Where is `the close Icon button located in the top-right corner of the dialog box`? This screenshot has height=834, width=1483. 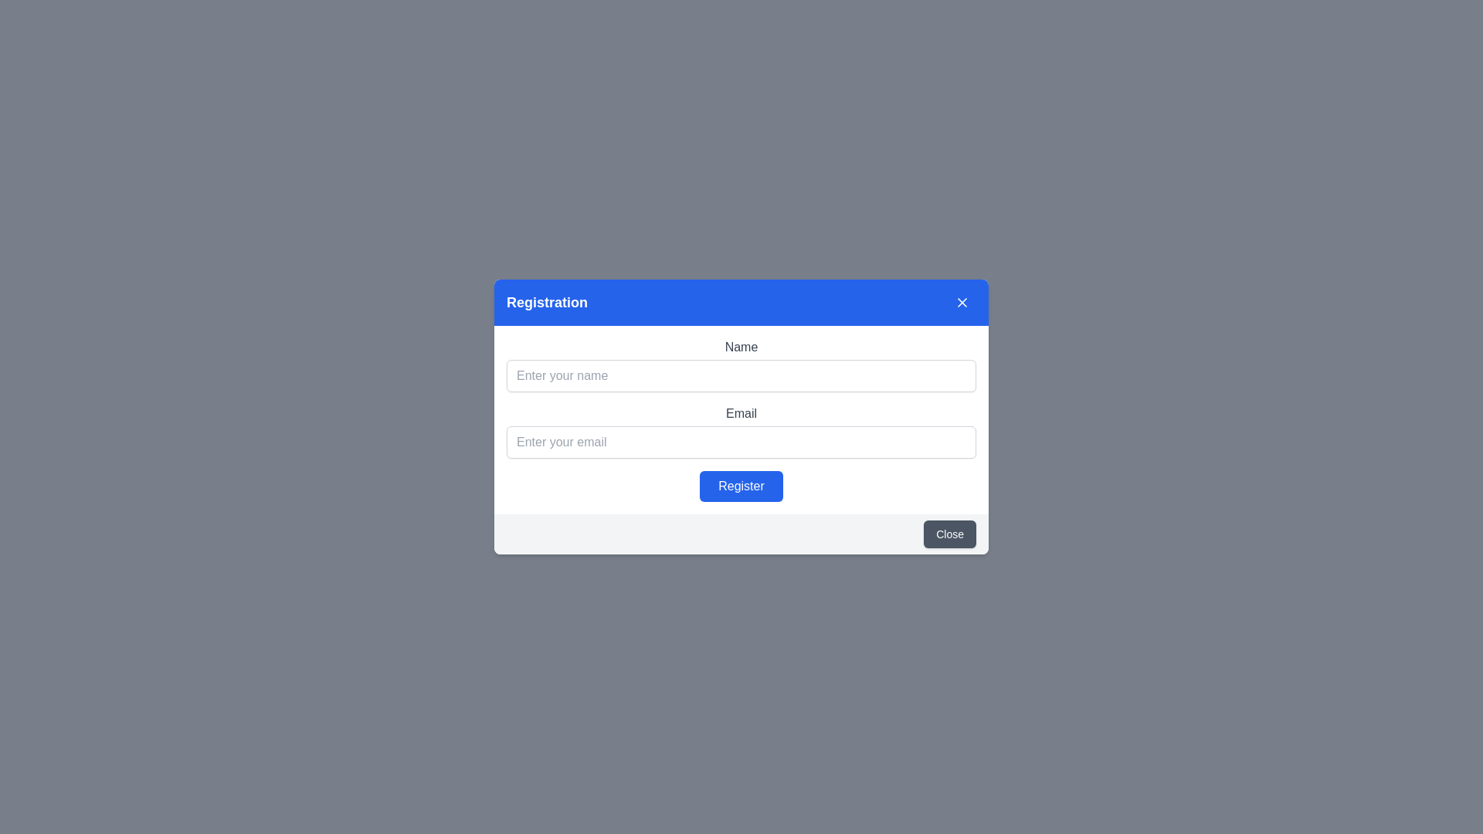 the close Icon button located in the top-right corner of the dialog box is located at coordinates (961, 303).